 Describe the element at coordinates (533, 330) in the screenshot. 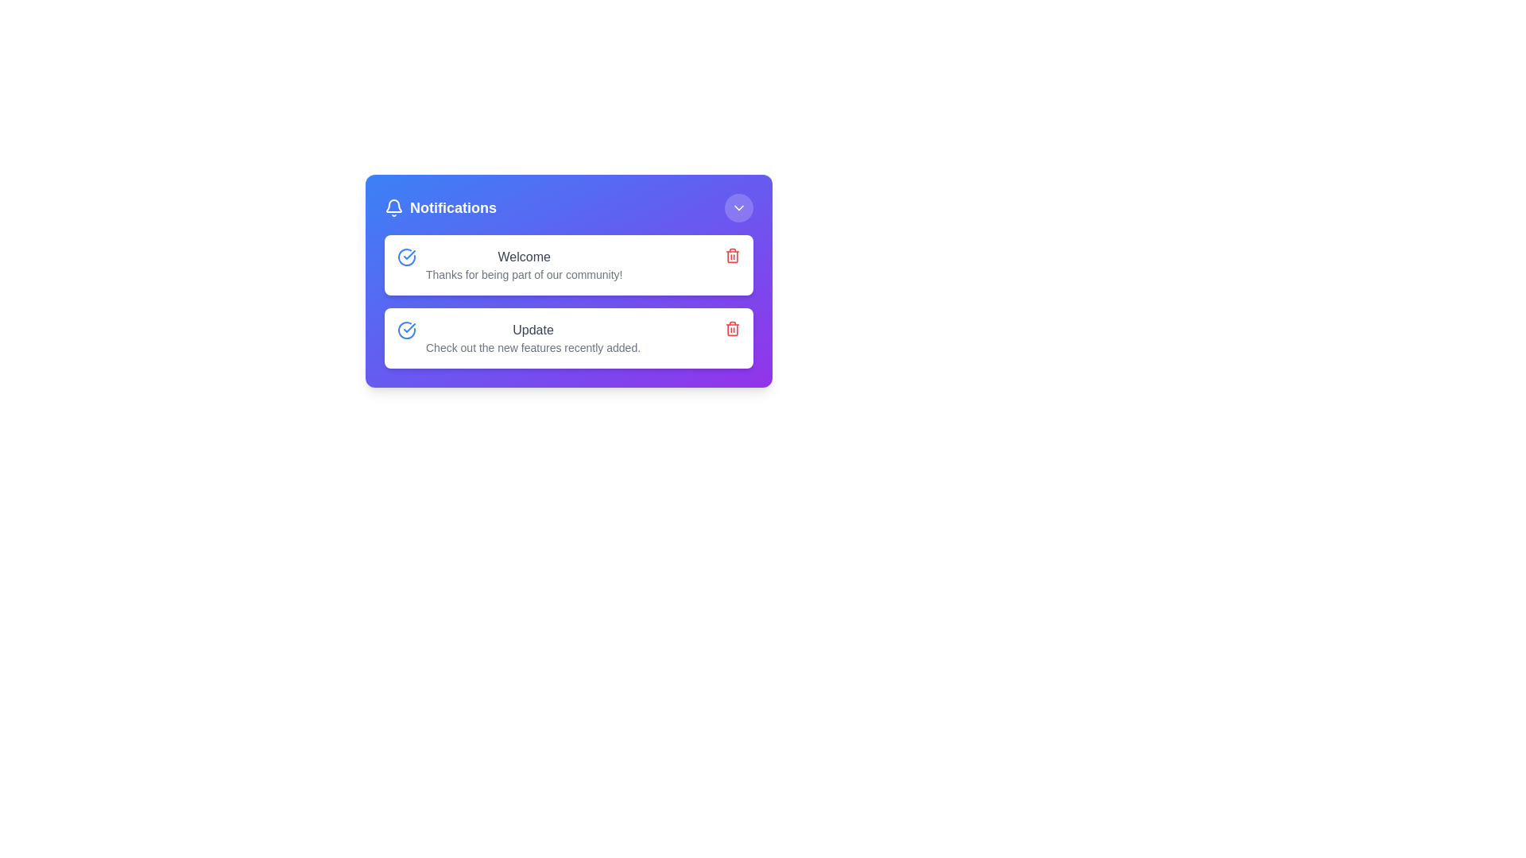

I see `the title label of the notification located in the second notification block, which provides a summary of the notification's content` at that location.